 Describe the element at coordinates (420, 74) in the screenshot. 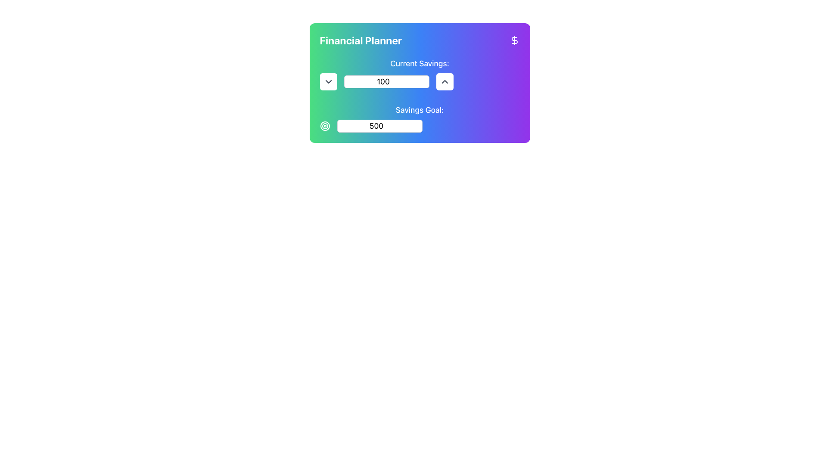

I see `text from the label that describes the input field for entering the current savings amount, located centrally above the input field in the top section of a gradient background box` at that location.